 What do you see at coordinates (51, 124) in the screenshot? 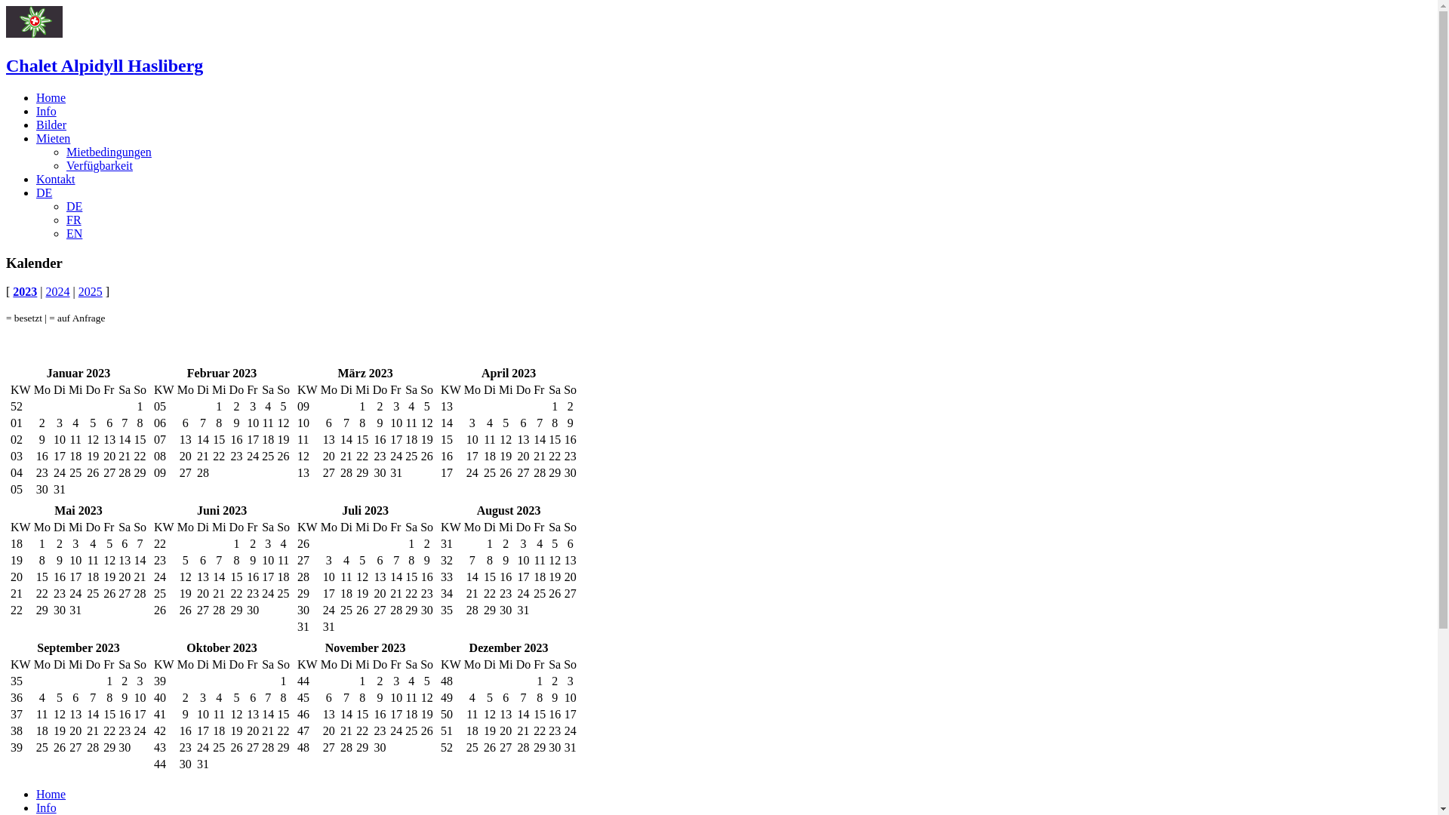
I see `'Bilder'` at bounding box center [51, 124].